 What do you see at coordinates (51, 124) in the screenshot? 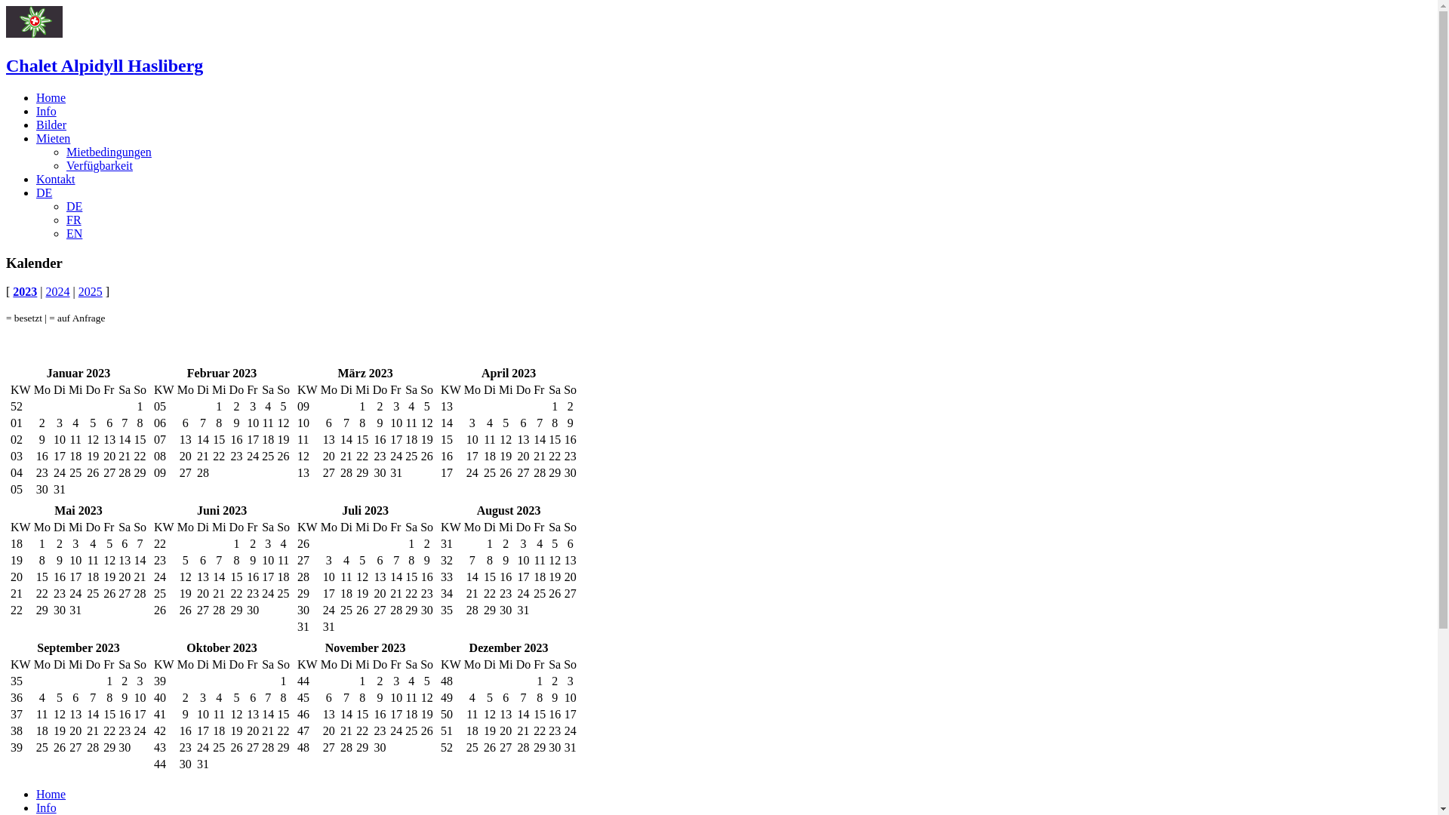
I see `'Bilder'` at bounding box center [51, 124].